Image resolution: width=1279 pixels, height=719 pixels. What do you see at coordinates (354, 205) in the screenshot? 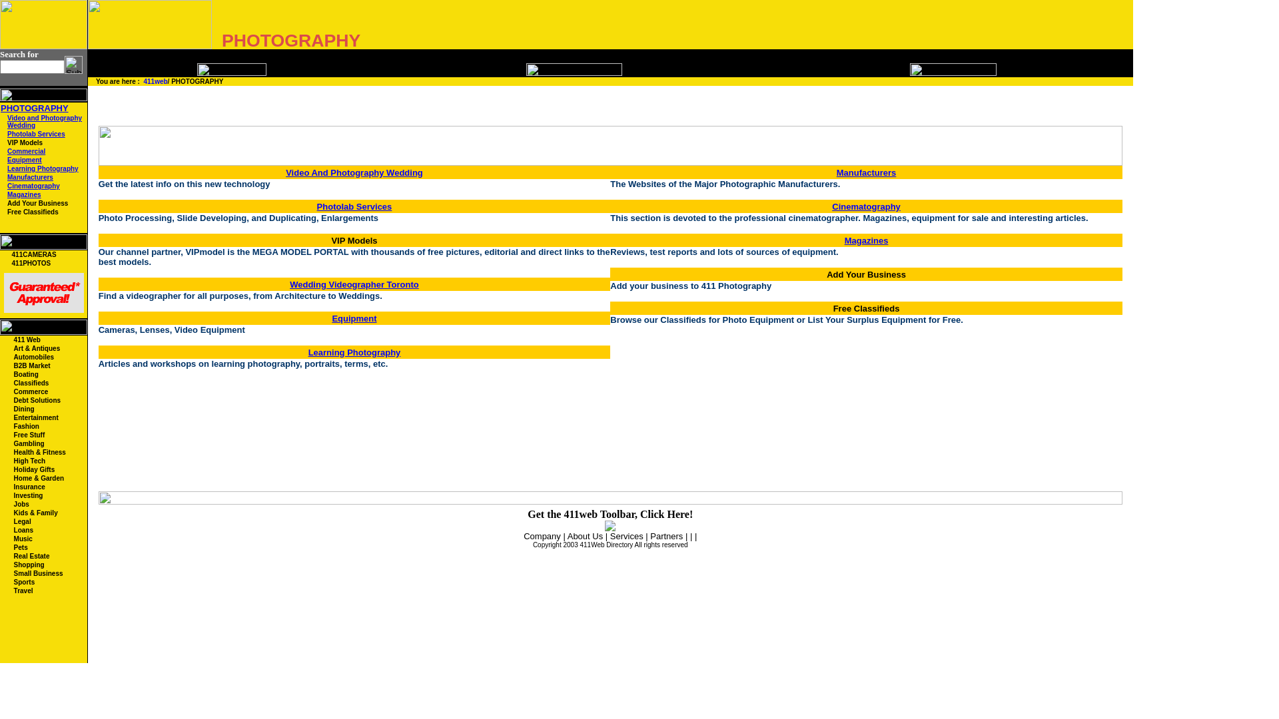
I see `'Photolab Services'` at bounding box center [354, 205].